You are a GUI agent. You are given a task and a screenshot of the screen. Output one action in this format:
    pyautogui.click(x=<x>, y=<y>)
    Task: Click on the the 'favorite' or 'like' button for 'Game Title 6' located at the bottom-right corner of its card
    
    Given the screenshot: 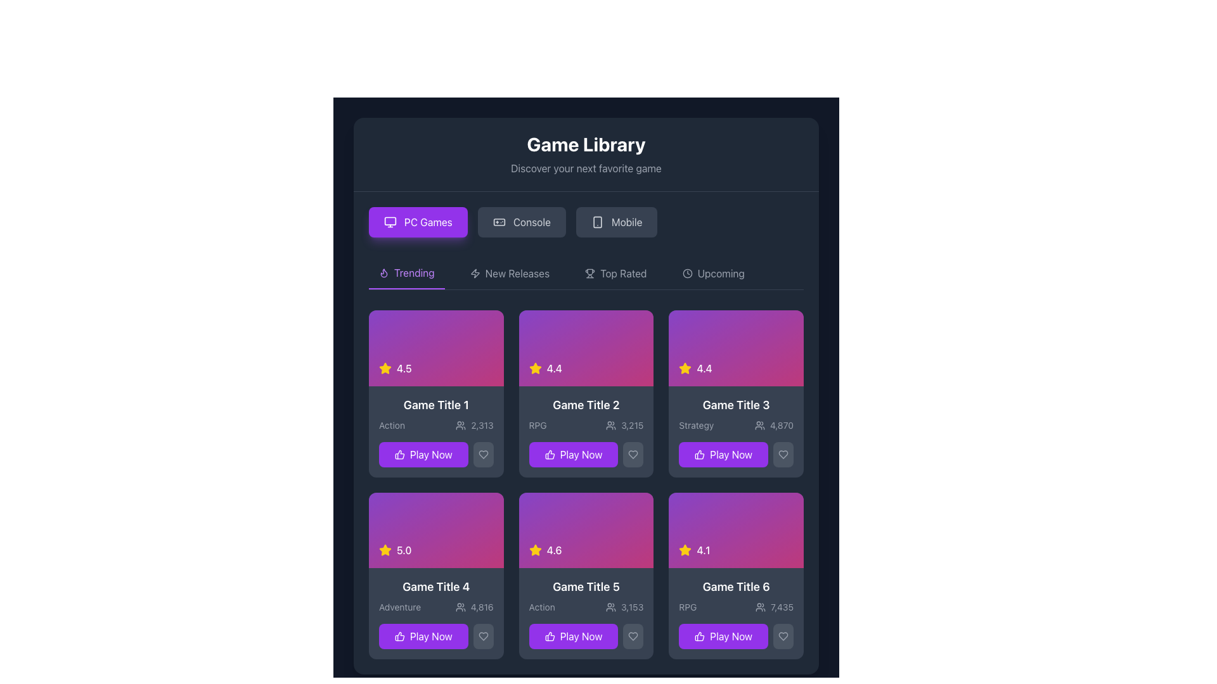 What is the action you would take?
    pyautogui.click(x=783, y=636)
    